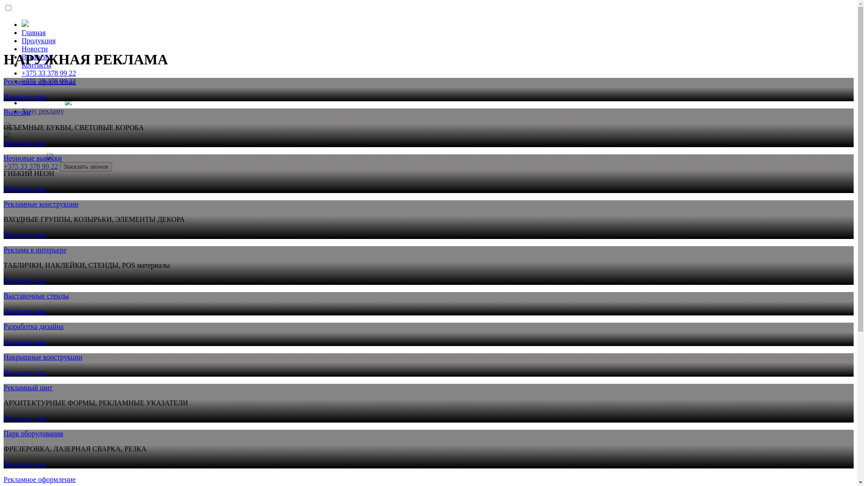 The height and width of the screenshot is (486, 864). Describe the element at coordinates (48, 72) in the screenshot. I see `'+375 33 378 99 22'` at that location.